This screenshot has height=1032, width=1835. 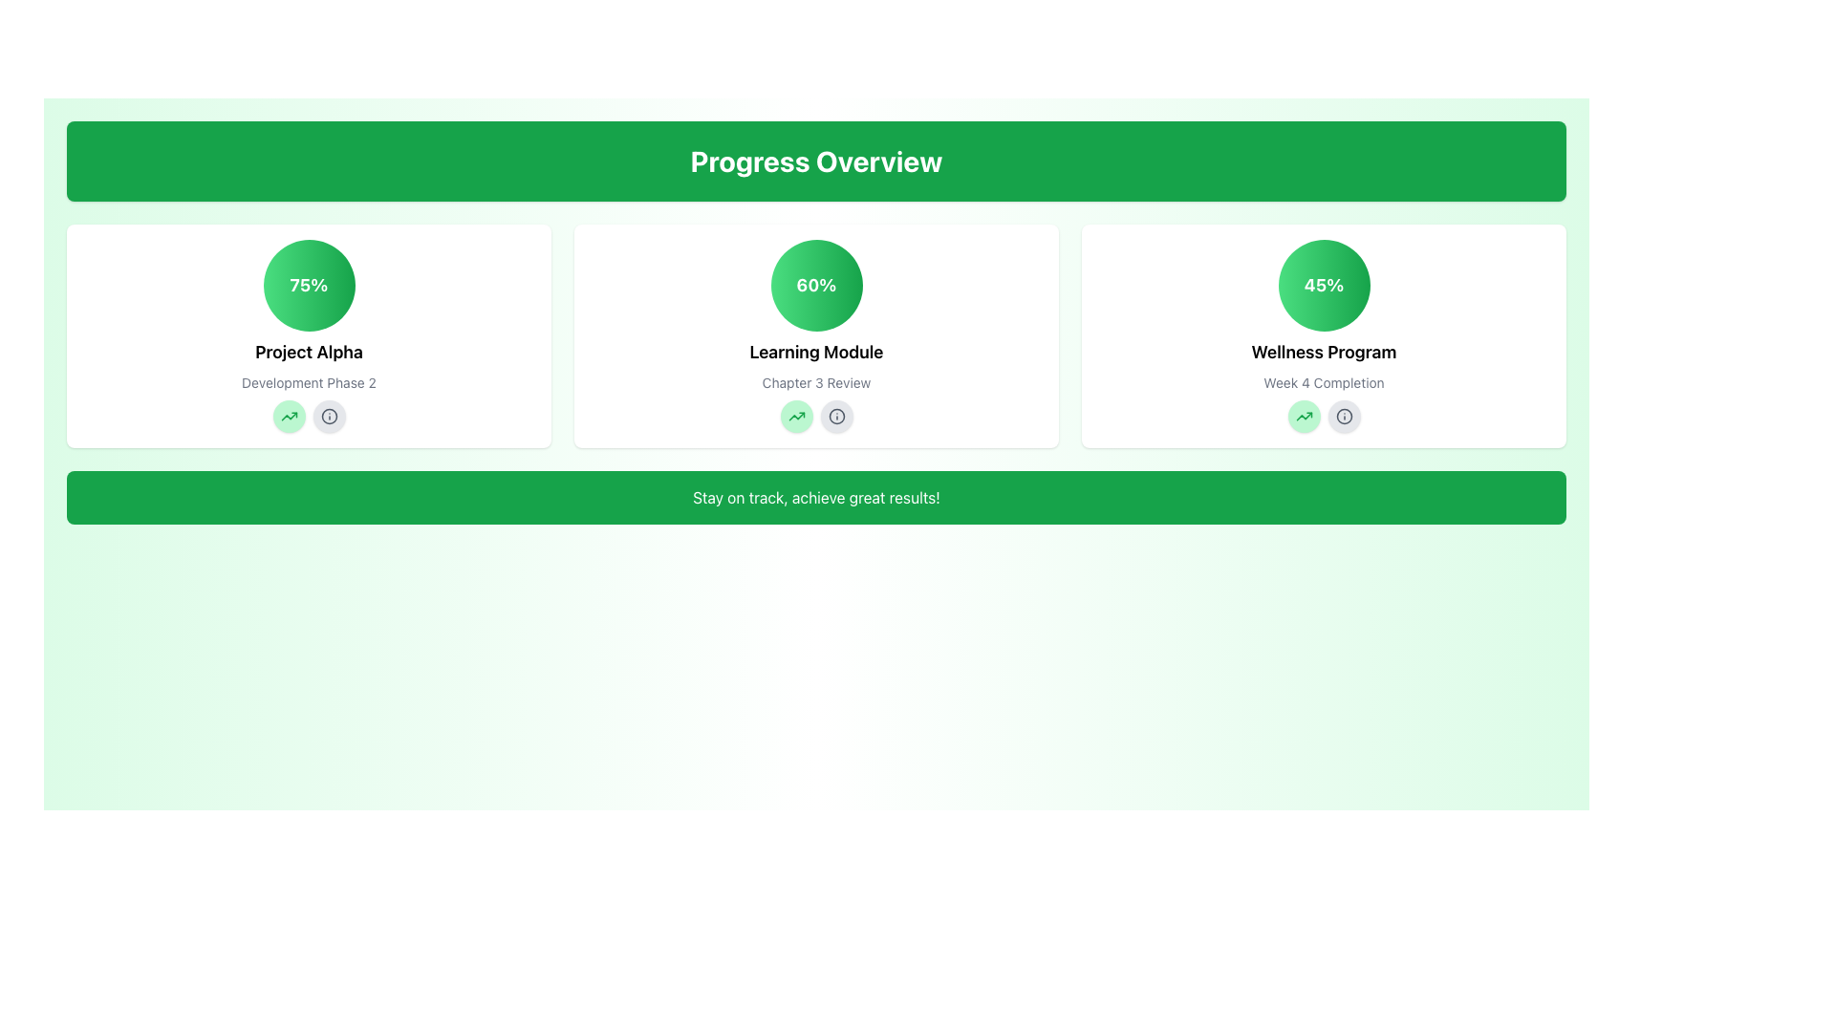 What do you see at coordinates (1323, 383) in the screenshot?
I see `text label displaying 'Week 4 Completion' in small, gray, non-bold font within the 'Wellness Program' card` at bounding box center [1323, 383].